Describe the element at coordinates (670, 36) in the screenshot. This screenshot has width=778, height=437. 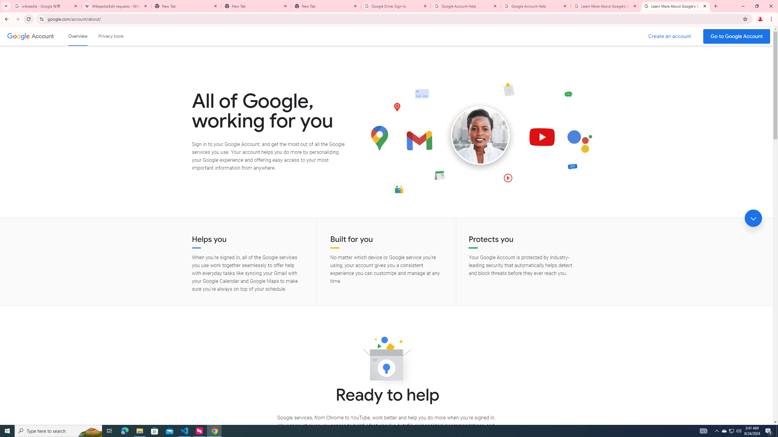
I see `'Create a Google Account'` at that location.